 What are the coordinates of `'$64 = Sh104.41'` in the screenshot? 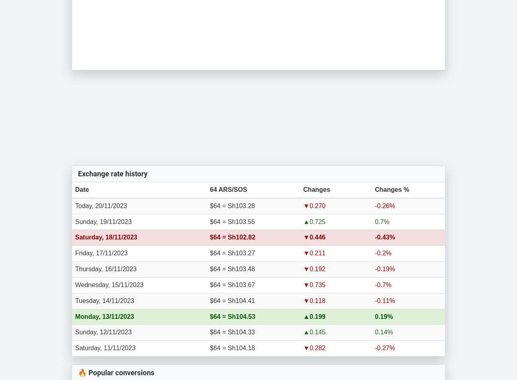 It's located at (231, 300).